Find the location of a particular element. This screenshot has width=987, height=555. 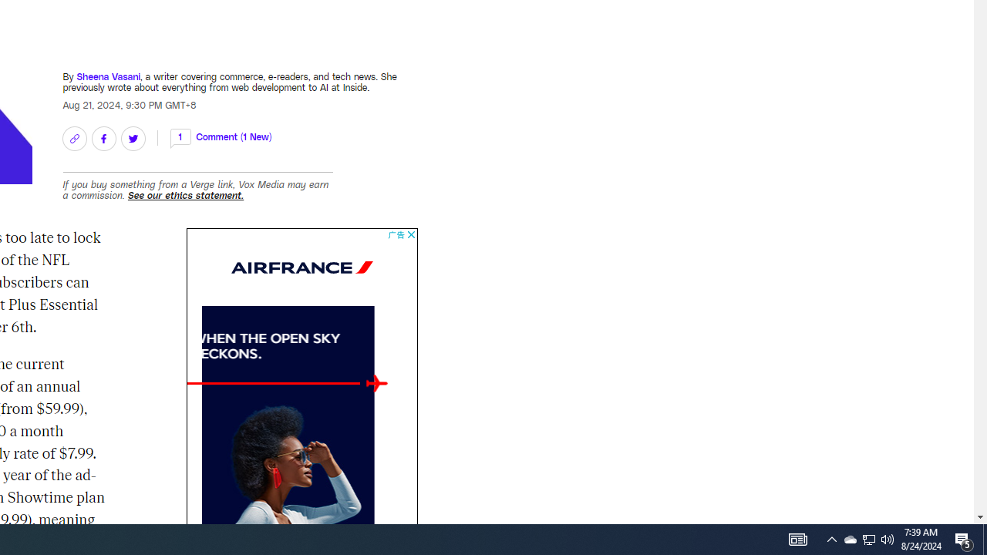

'Share on Twitter' is located at coordinates (133, 137).